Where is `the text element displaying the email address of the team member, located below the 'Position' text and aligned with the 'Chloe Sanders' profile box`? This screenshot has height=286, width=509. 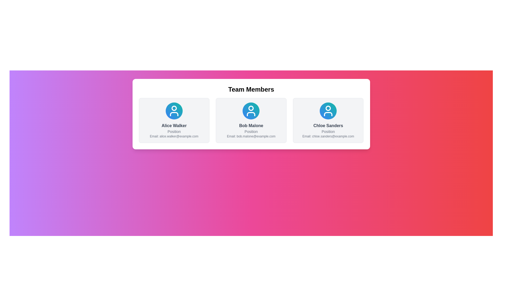
the text element displaying the email address of the team member, located below the 'Position' text and aligned with the 'Chloe Sanders' profile box is located at coordinates (328, 136).